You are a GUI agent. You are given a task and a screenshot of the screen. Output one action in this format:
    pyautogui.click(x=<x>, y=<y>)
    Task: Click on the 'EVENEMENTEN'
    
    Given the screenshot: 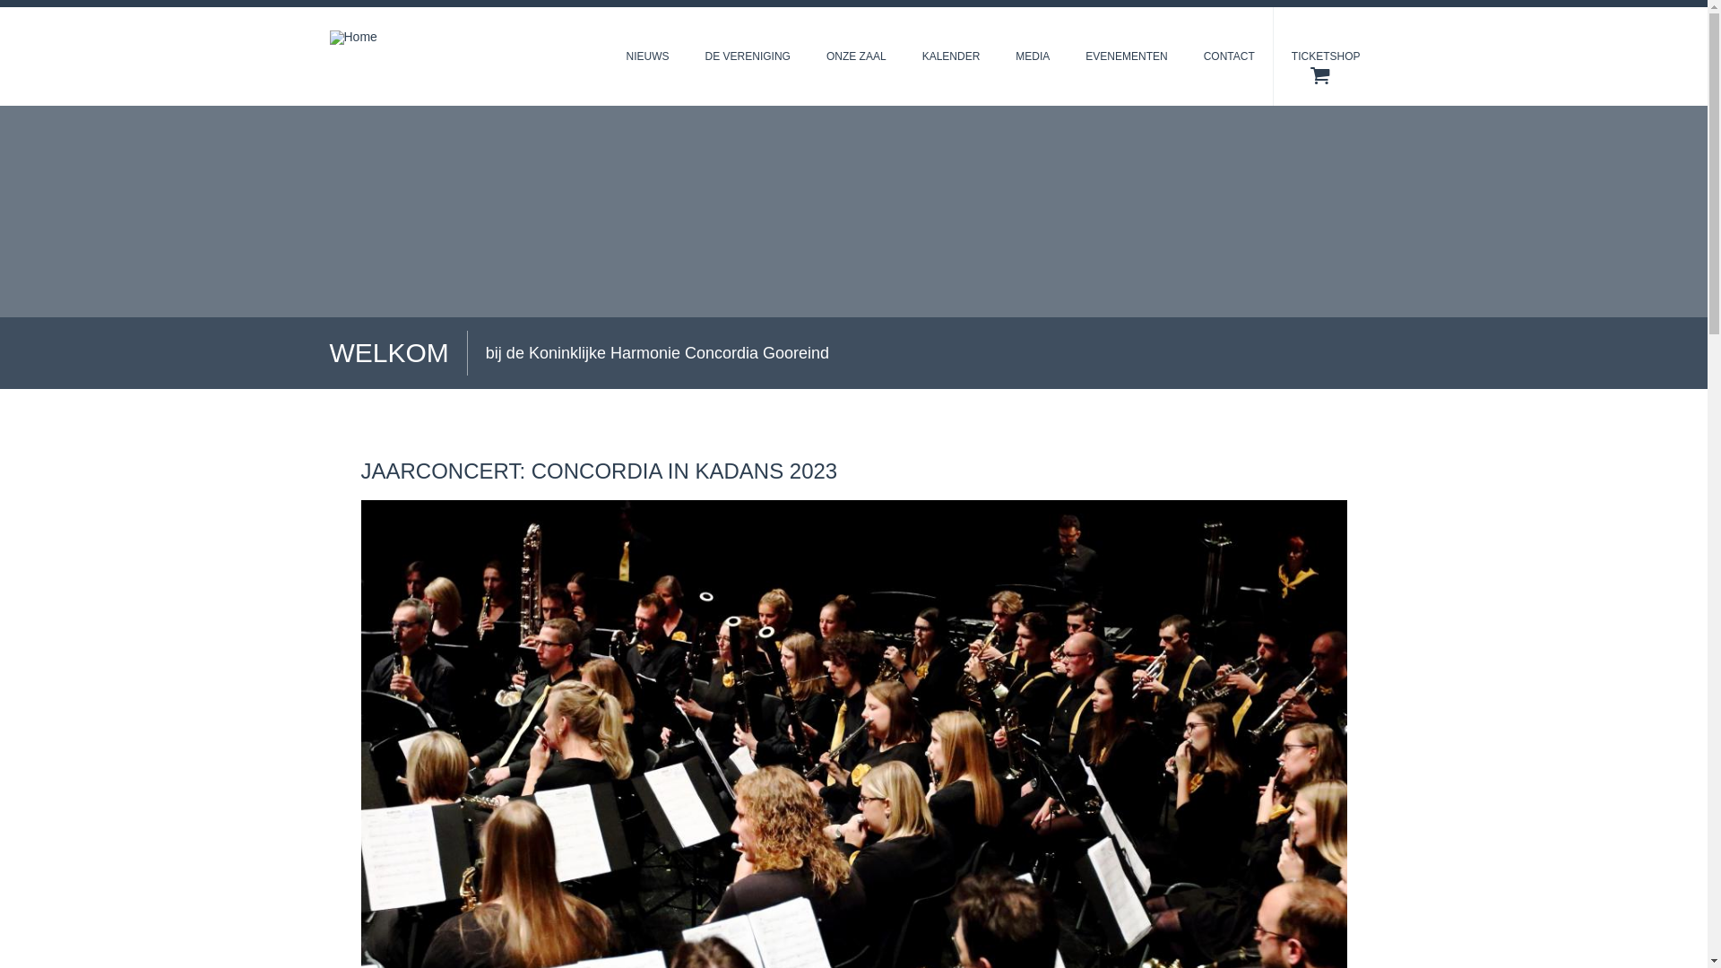 What is the action you would take?
    pyautogui.click(x=1125, y=55)
    